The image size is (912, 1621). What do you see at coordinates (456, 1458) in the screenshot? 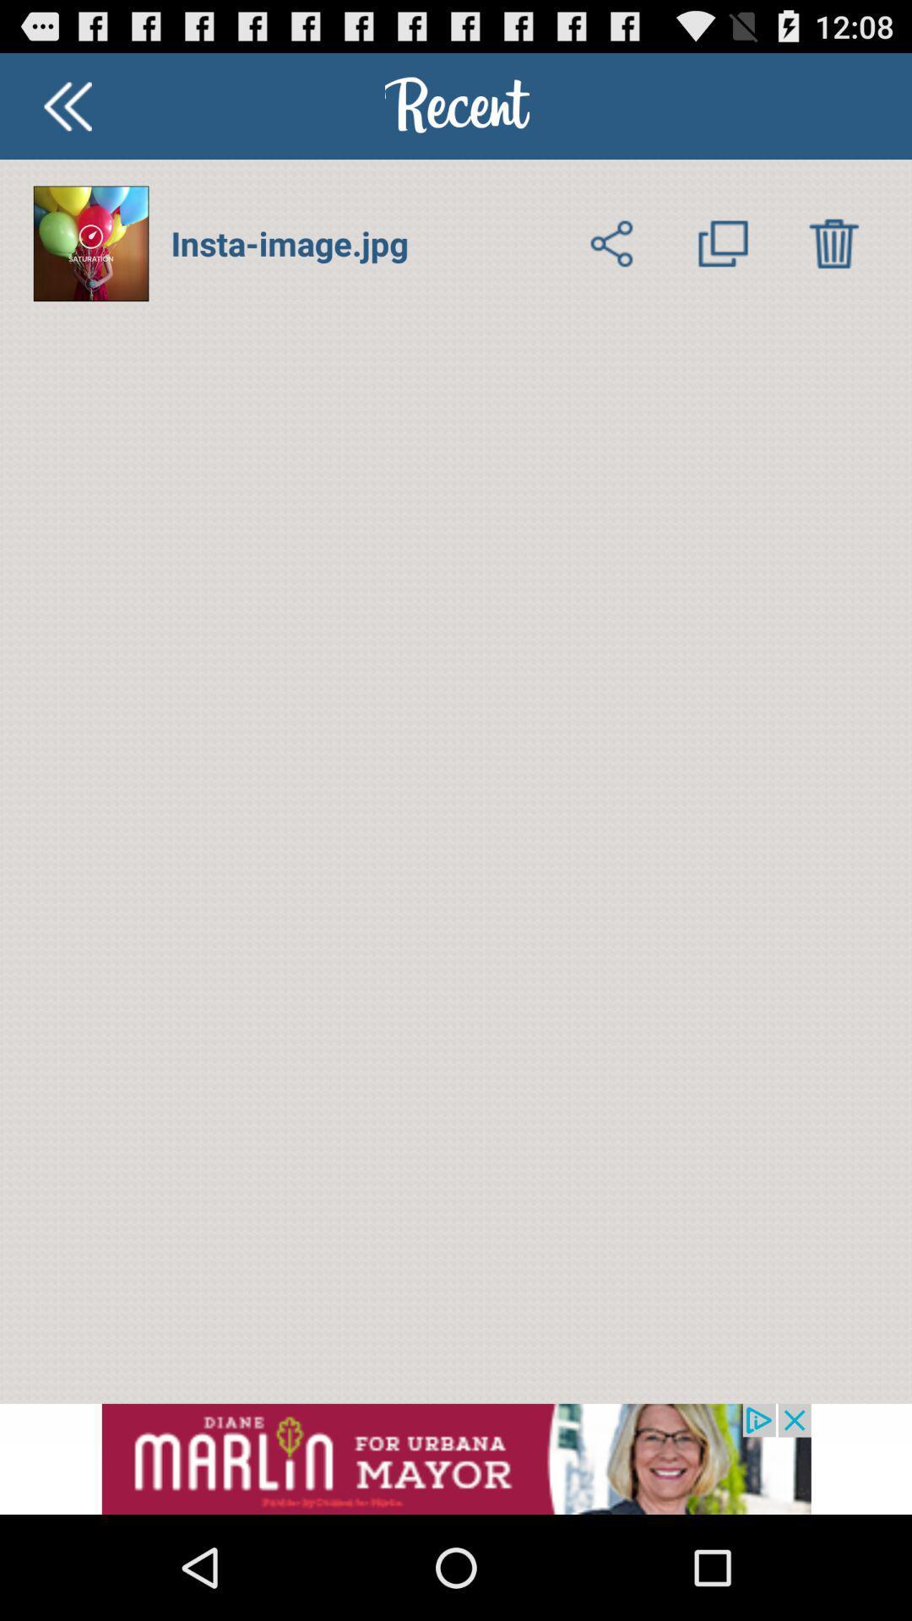
I see `advertiser site` at bounding box center [456, 1458].